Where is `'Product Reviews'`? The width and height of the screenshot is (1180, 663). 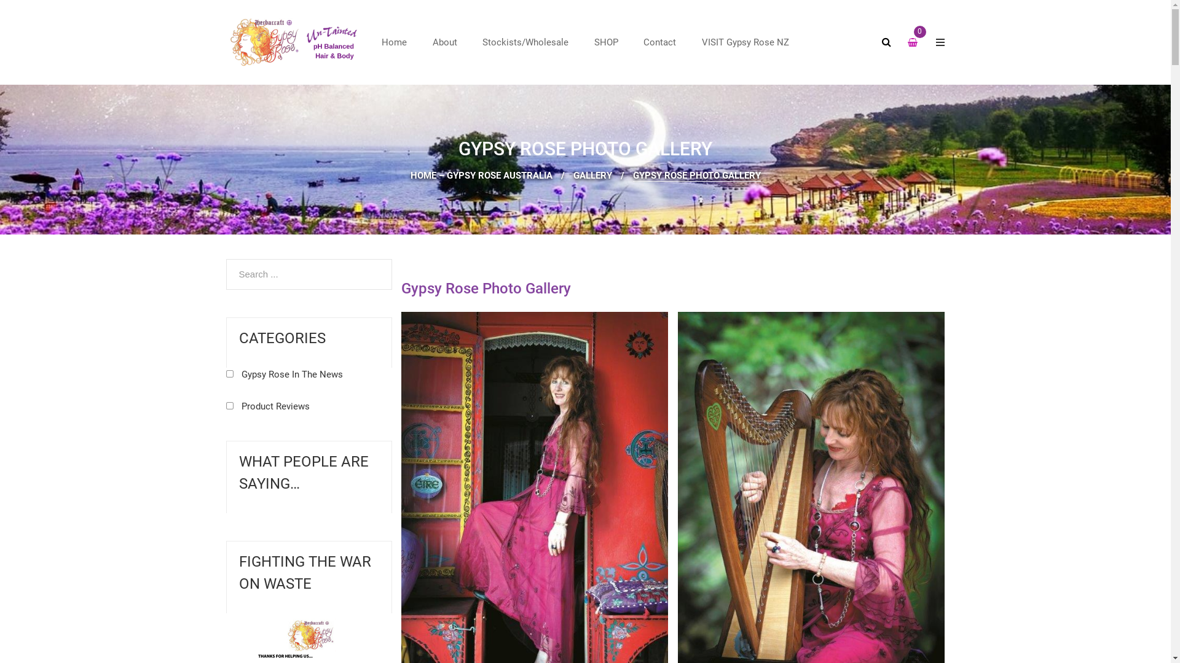
'Product Reviews' is located at coordinates (267, 406).